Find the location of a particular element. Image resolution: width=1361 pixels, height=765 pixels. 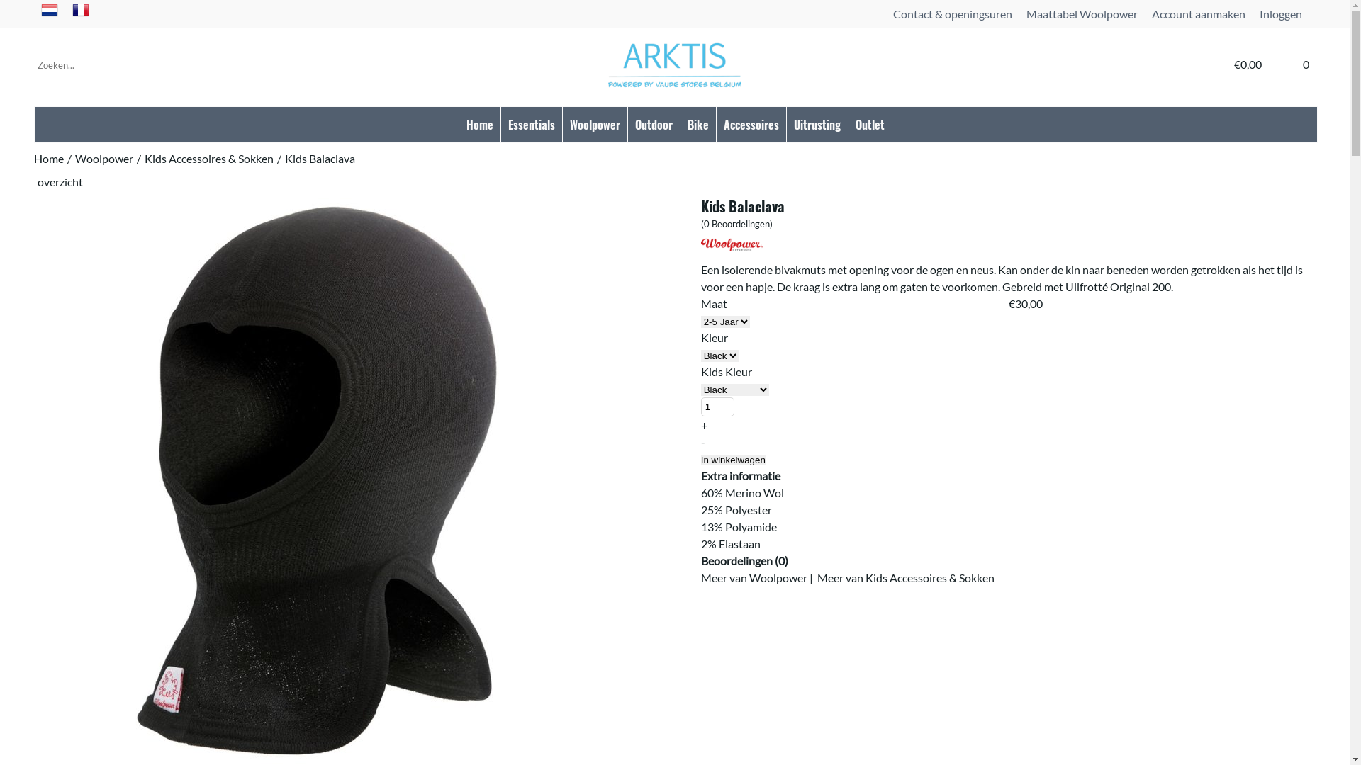

'Meer van Woolpower' is located at coordinates (754, 577).